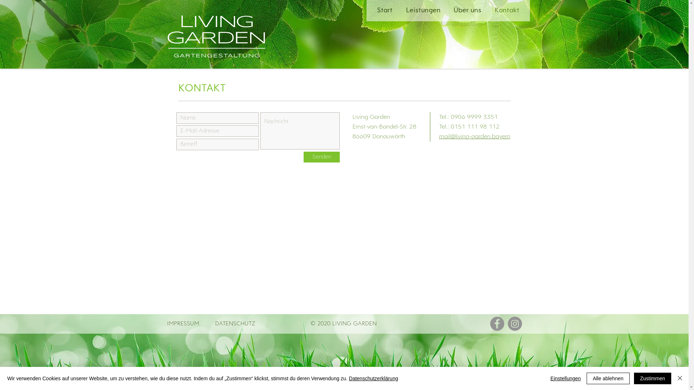 This screenshot has height=390, width=694. Describe the element at coordinates (489, 10) in the screenshot. I see `'Kontakt'` at that location.